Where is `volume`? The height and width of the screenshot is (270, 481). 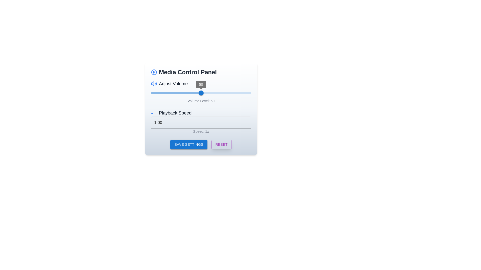
volume is located at coordinates (164, 93).